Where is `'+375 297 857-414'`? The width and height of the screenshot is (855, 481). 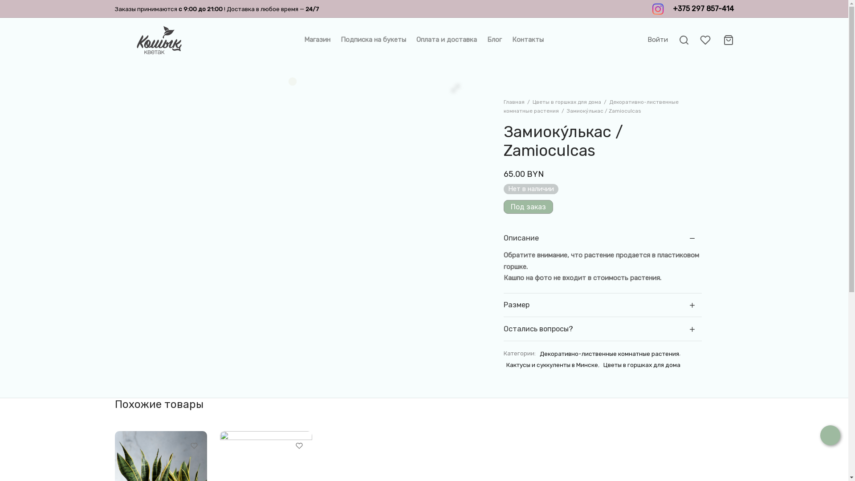
'+375 297 857-414' is located at coordinates (702, 8).